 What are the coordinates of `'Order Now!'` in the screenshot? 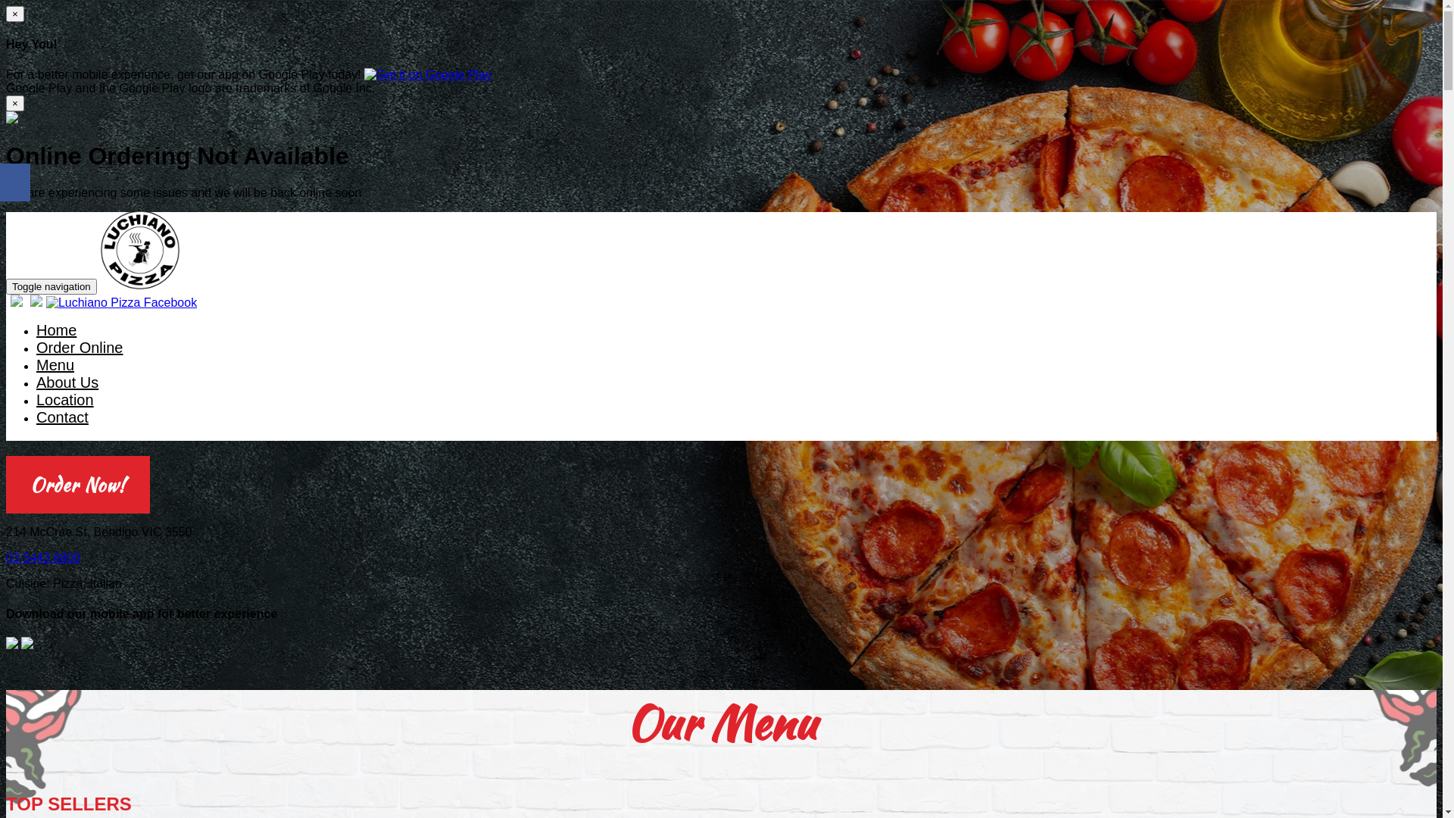 It's located at (76, 487).